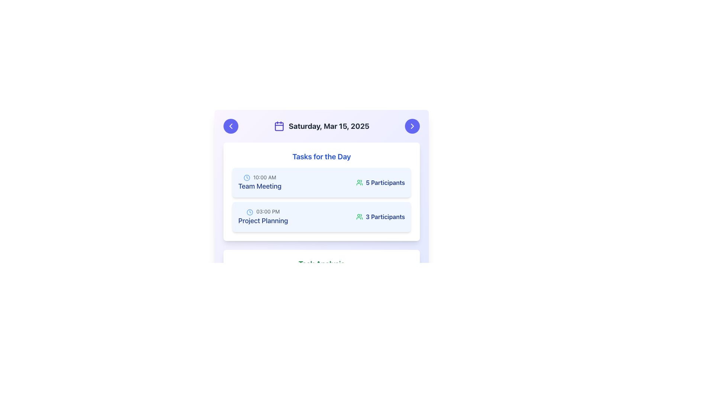 The height and width of the screenshot is (401, 714). Describe the element at coordinates (412, 125) in the screenshot. I see `the navigation button located at the far right of the header section, which features a rightward arrow icon` at that location.